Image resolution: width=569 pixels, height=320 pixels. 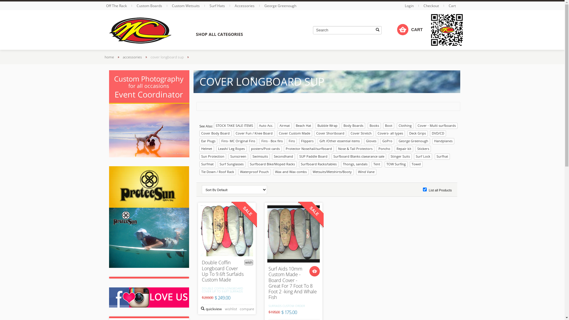 I want to click on 'Nose & Tail Protectors', so click(x=355, y=148).